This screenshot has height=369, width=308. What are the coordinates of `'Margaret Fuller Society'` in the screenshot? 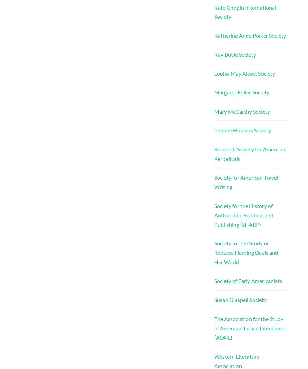 It's located at (241, 92).